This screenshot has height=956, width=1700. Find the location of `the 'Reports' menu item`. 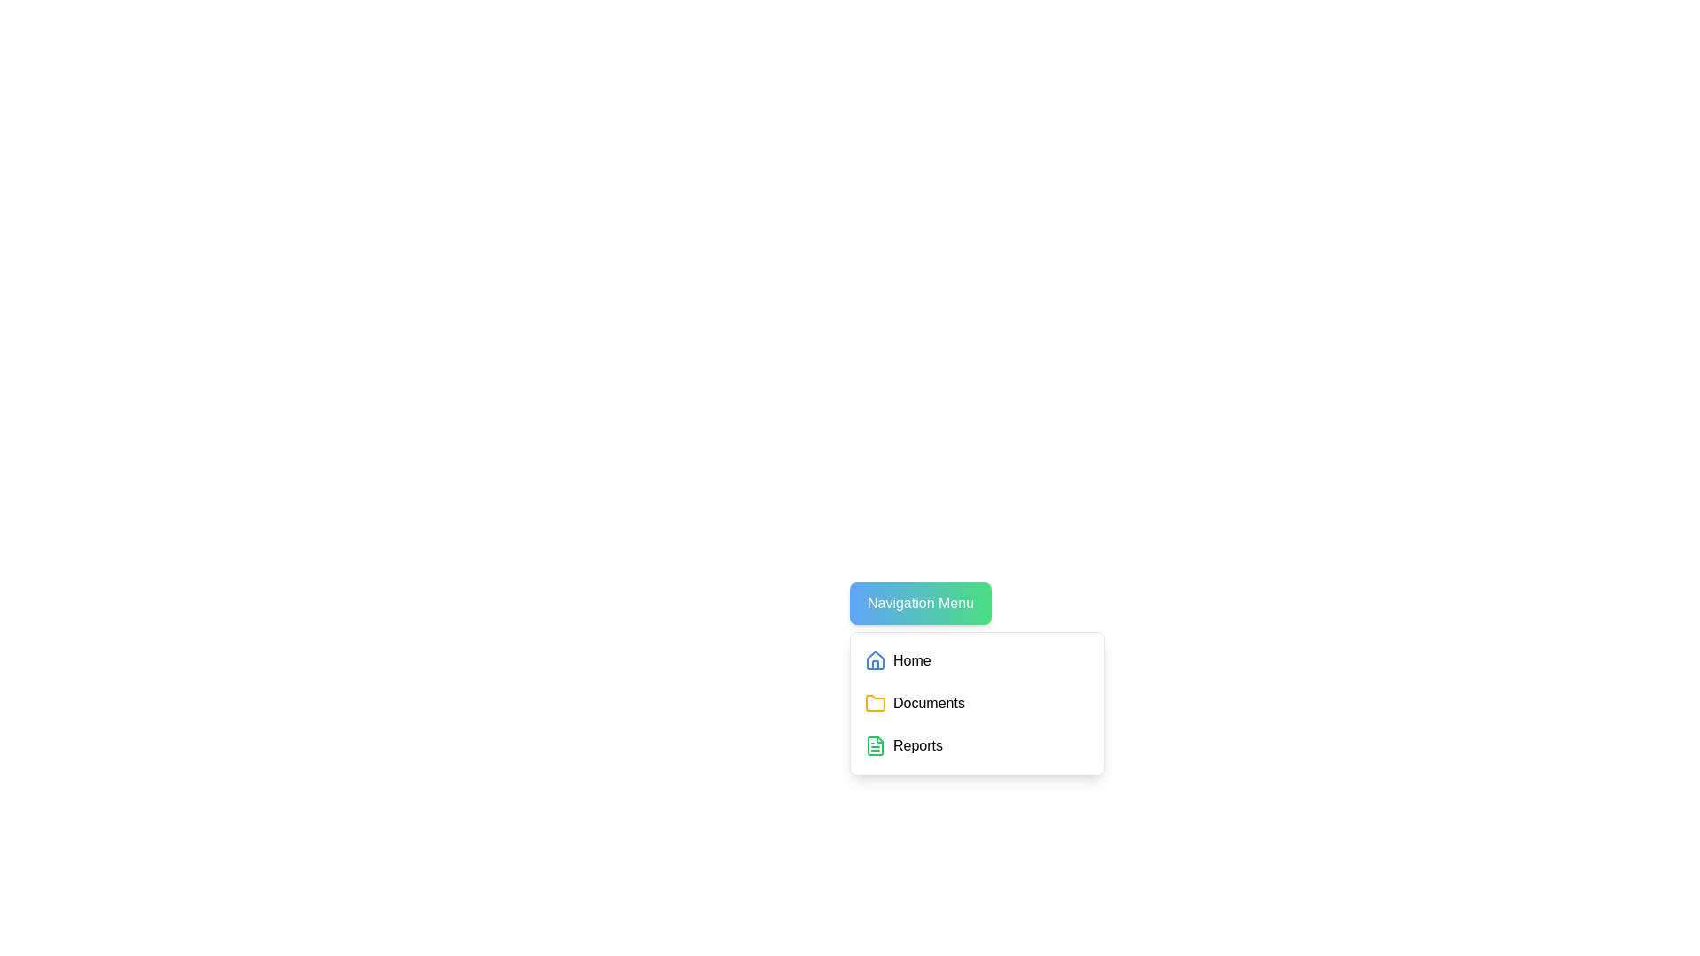

the 'Reports' menu item is located at coordinates (976, 746).